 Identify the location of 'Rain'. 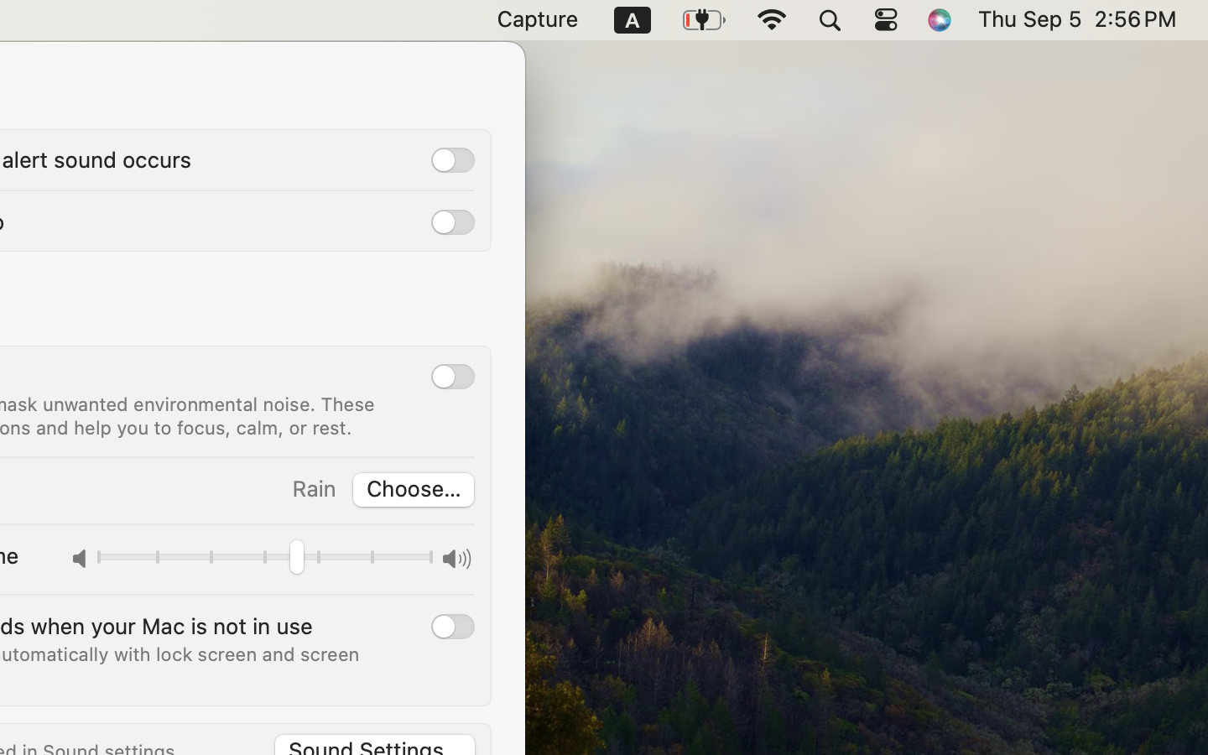
(312, 488).